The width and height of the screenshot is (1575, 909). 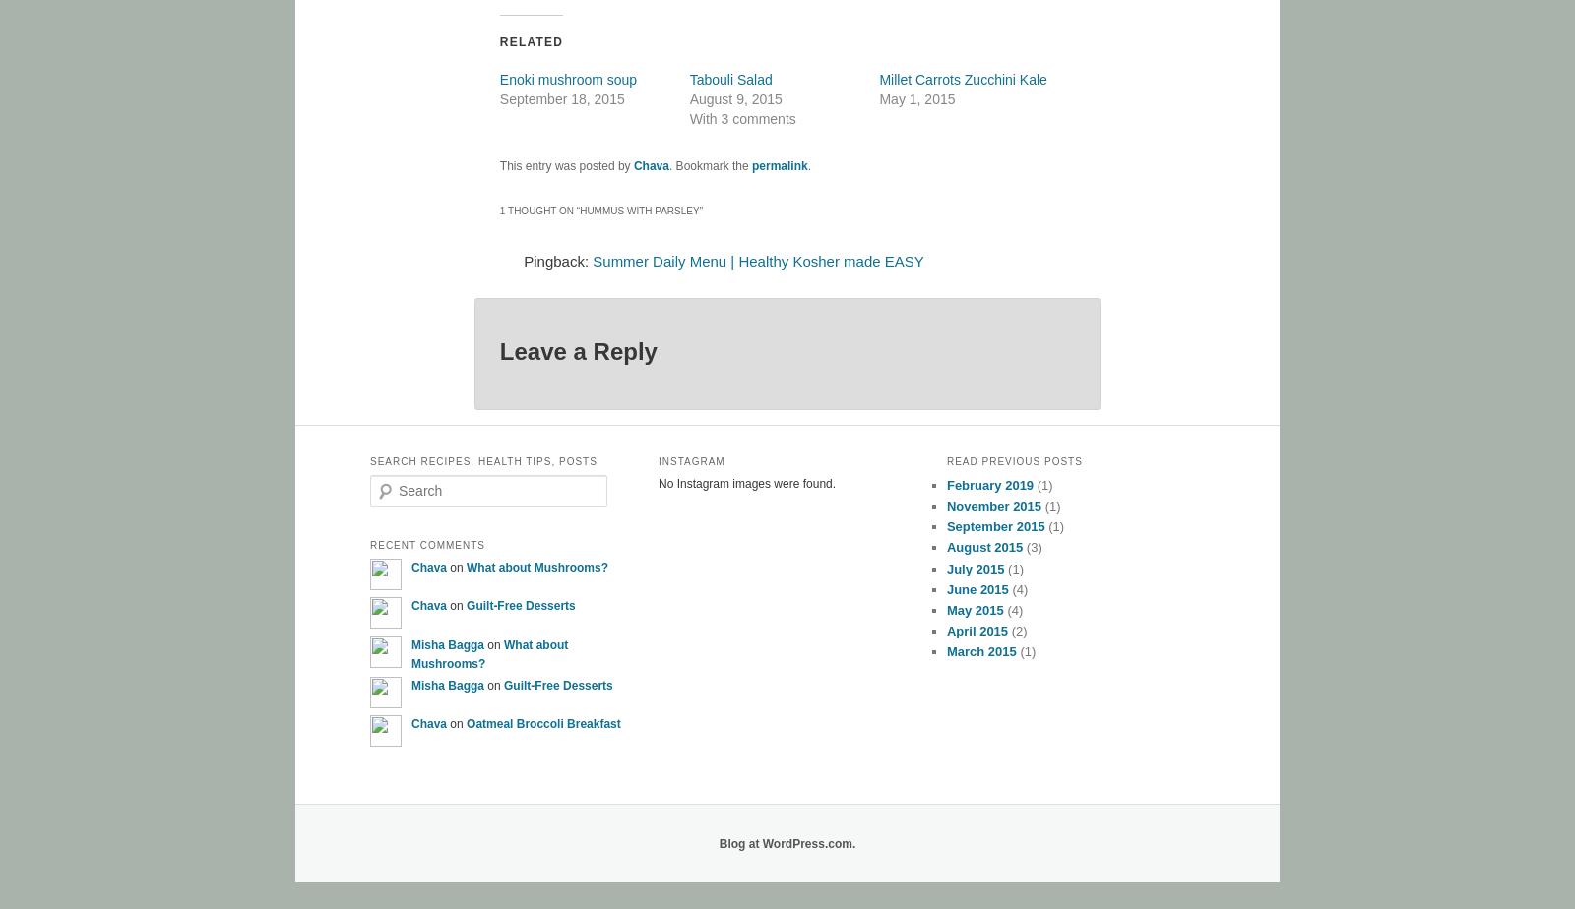 What do you see at coordinates (1017, 630) in the screenshot?
I see `'(2)'` at bounding box center [1017, 630].